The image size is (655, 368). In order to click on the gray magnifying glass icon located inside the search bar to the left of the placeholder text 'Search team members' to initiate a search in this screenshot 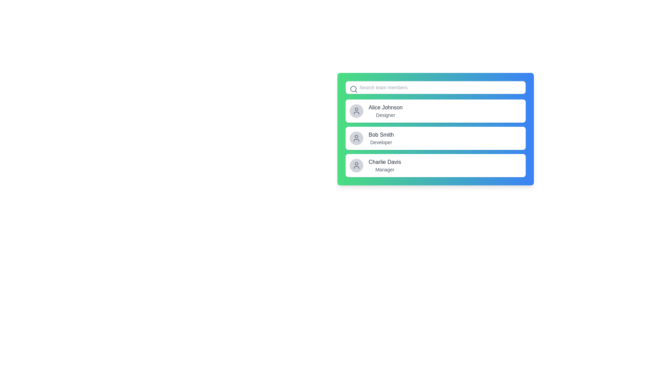, I will do `click(353, 89)`.